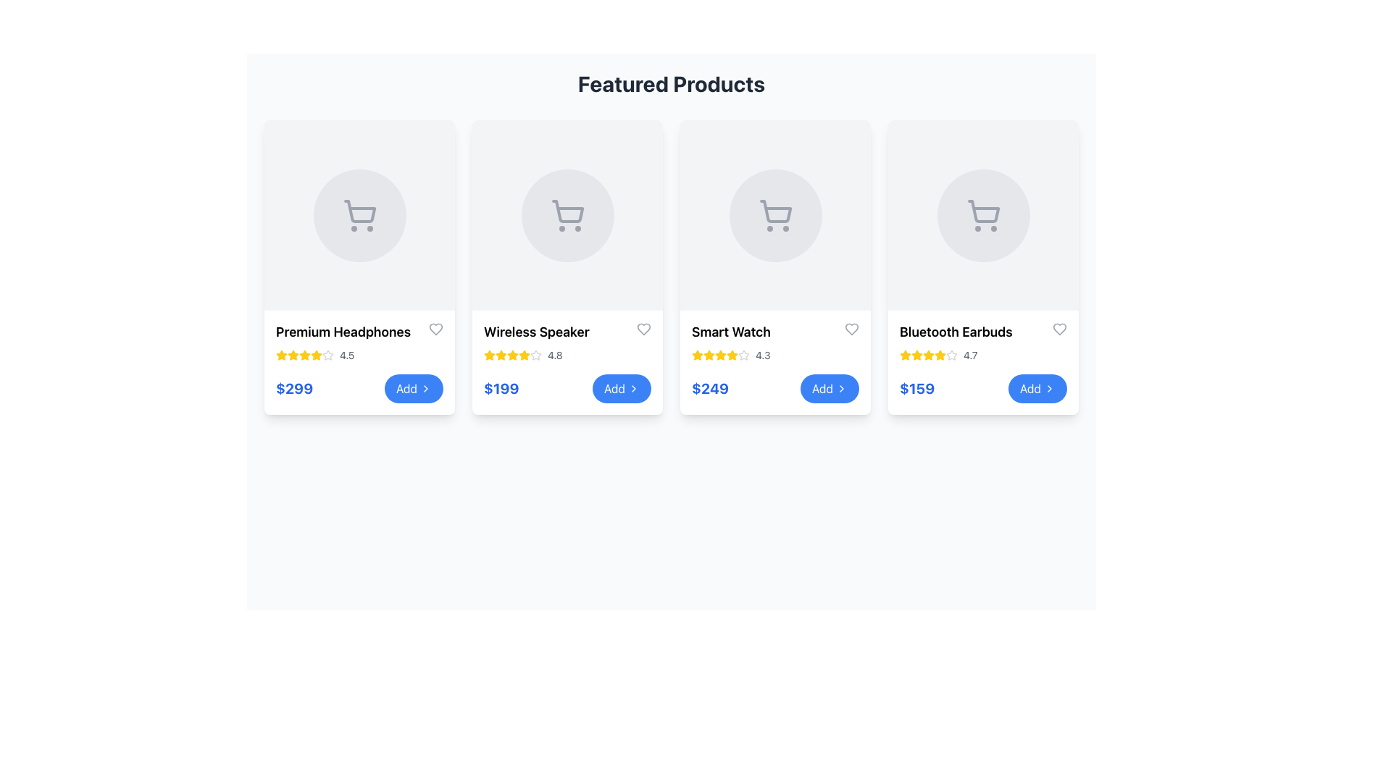  Describe the element at coordinates (774, 215) in the screenshot. I see `the shopping cart icon in the center of the circular area of the 'Smart Watch' product card, which is the third card from the left in the featured products section` at that location.